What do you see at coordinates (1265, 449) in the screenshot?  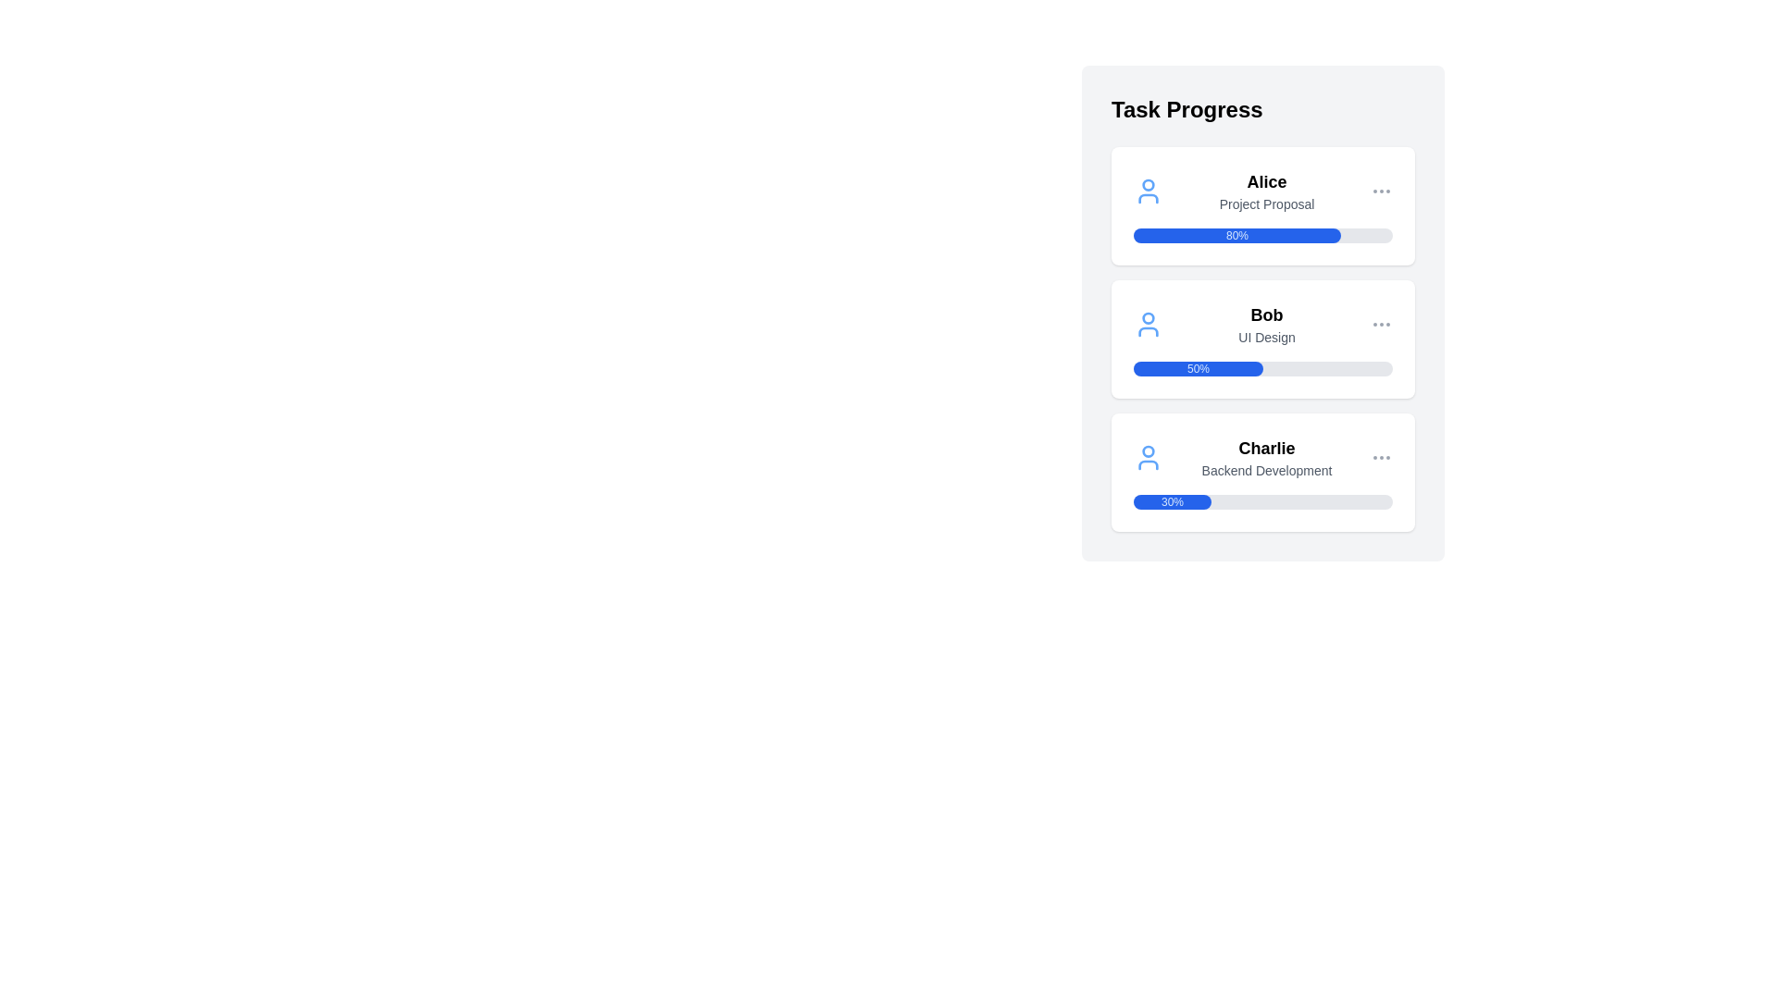 I see `text label displaying the name 'Charlie' in bold font, located at the top of the 'Backend Development' card in the task progression UI` at bounding box center [1265, 449].